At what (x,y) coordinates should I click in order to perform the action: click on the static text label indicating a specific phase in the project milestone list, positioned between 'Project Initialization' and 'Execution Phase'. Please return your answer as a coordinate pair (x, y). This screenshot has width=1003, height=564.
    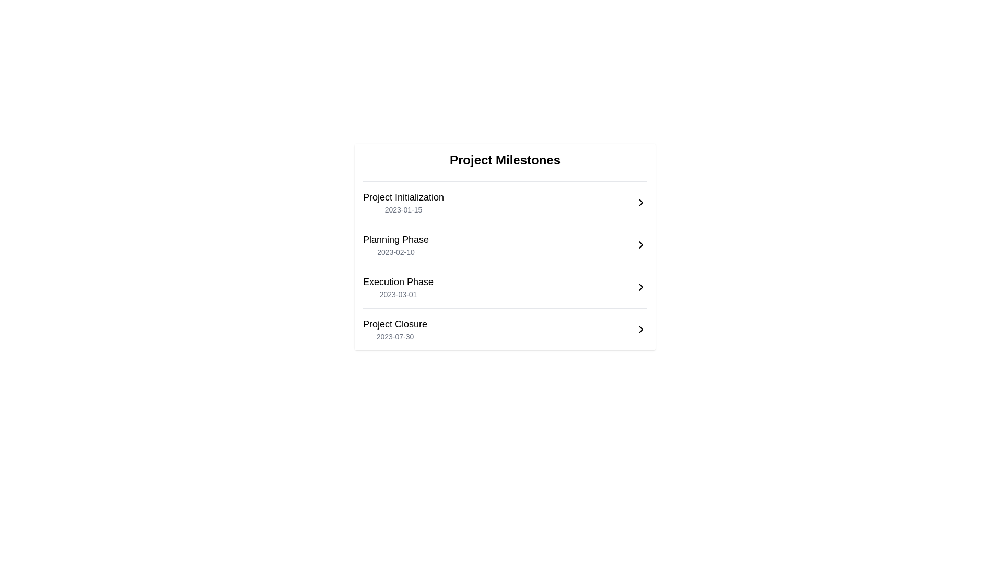
    Looking at the image, I should click on (395, 240).